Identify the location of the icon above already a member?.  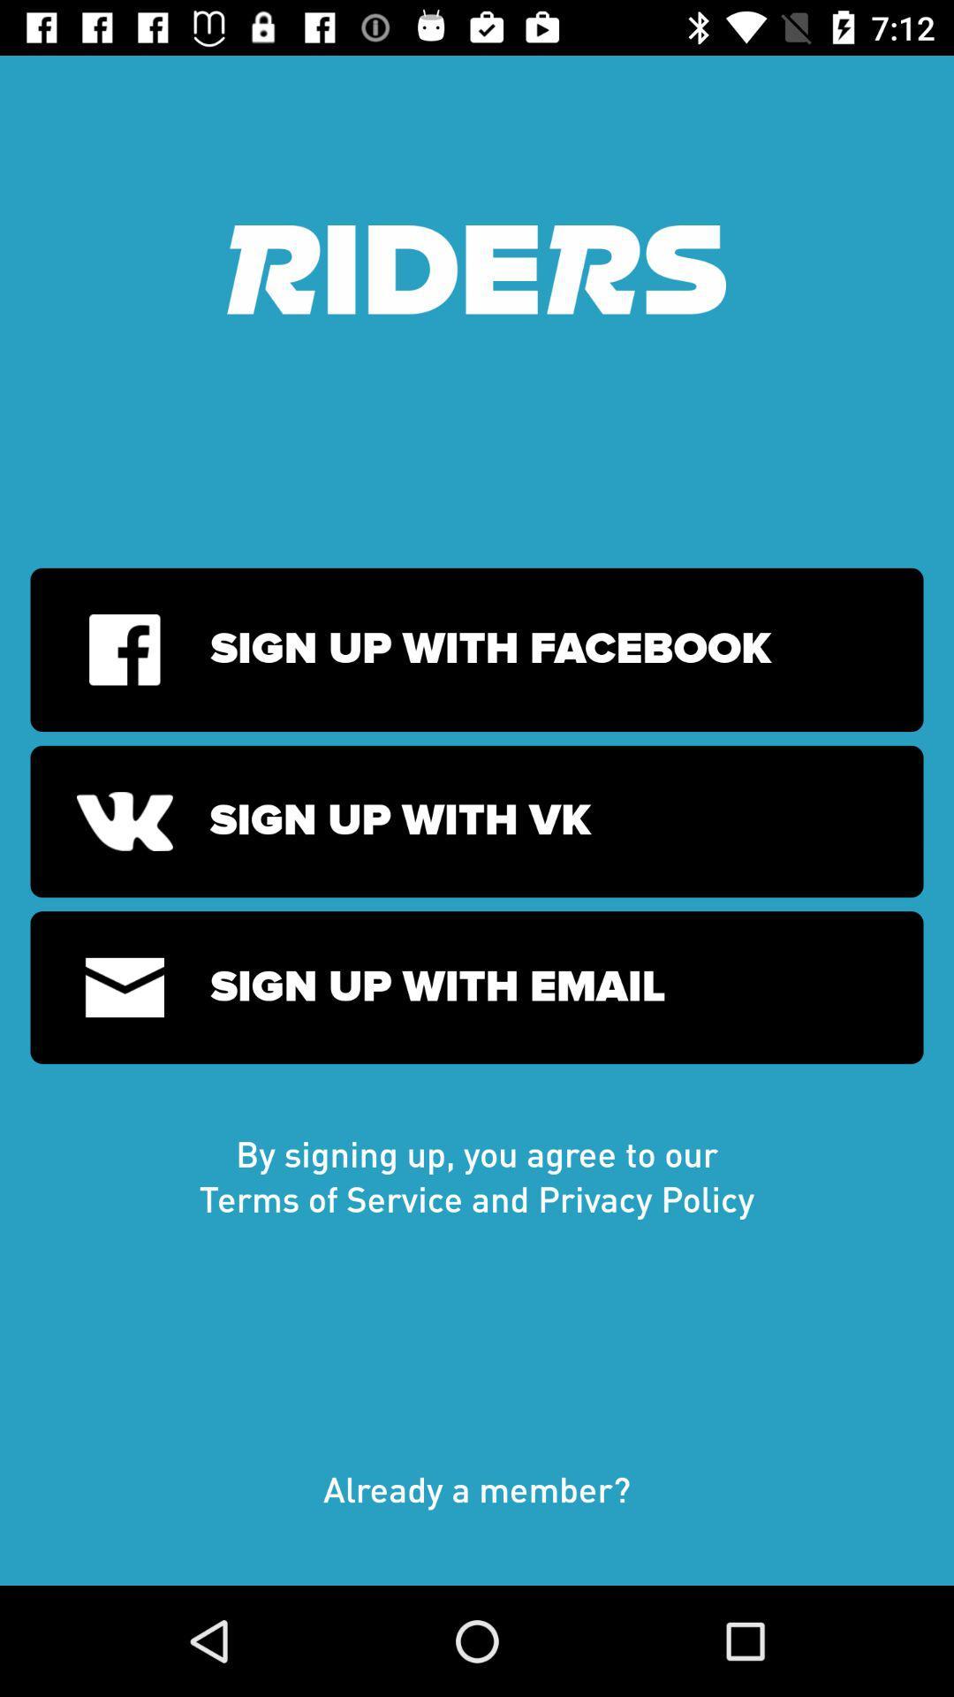
(477, 1176).